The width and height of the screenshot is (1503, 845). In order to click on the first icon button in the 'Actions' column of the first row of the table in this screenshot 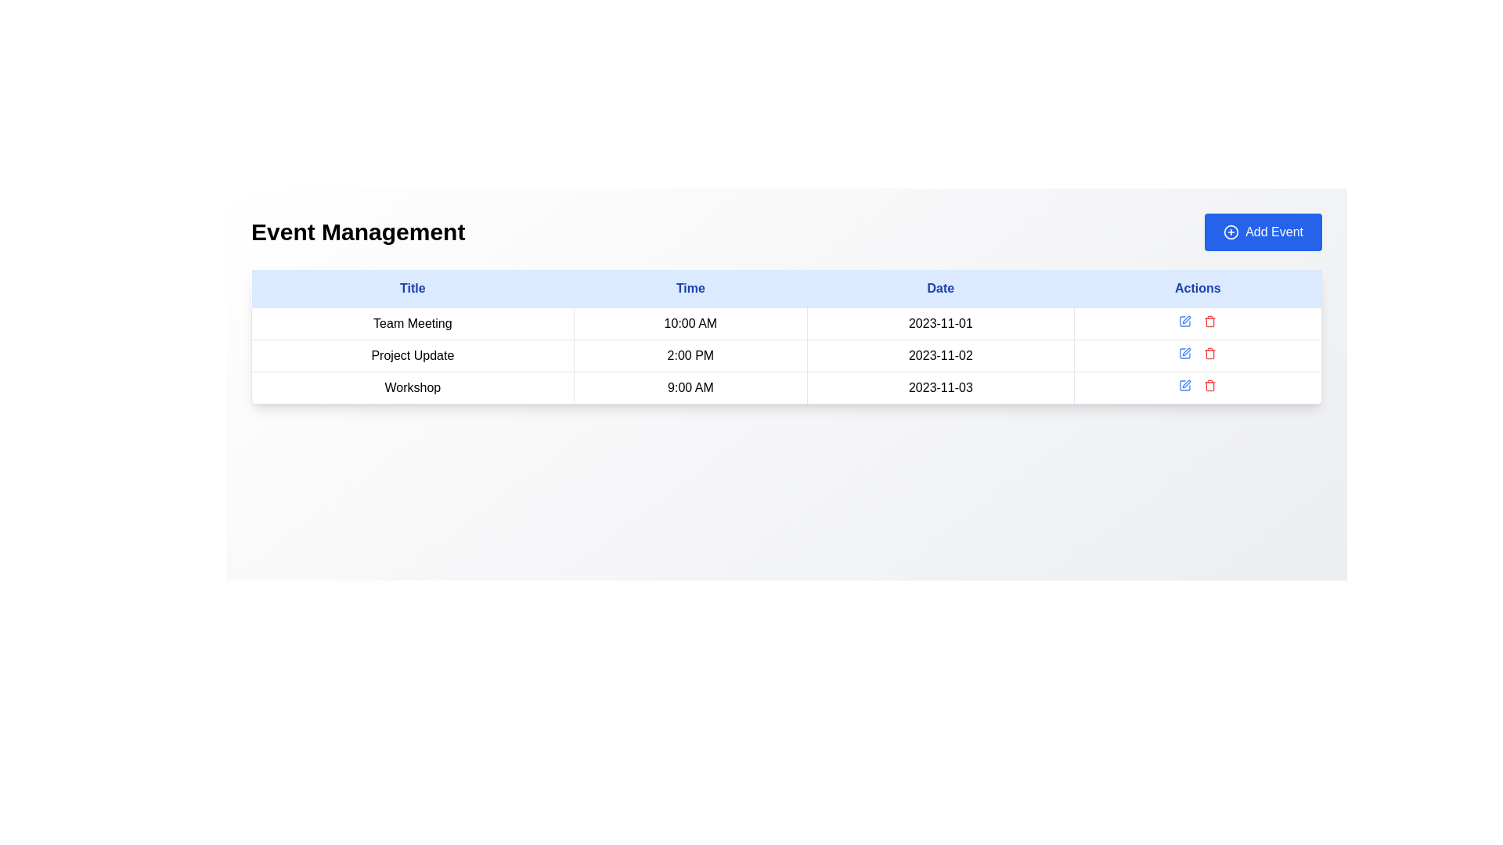, I will do `click(1185, 321)`.